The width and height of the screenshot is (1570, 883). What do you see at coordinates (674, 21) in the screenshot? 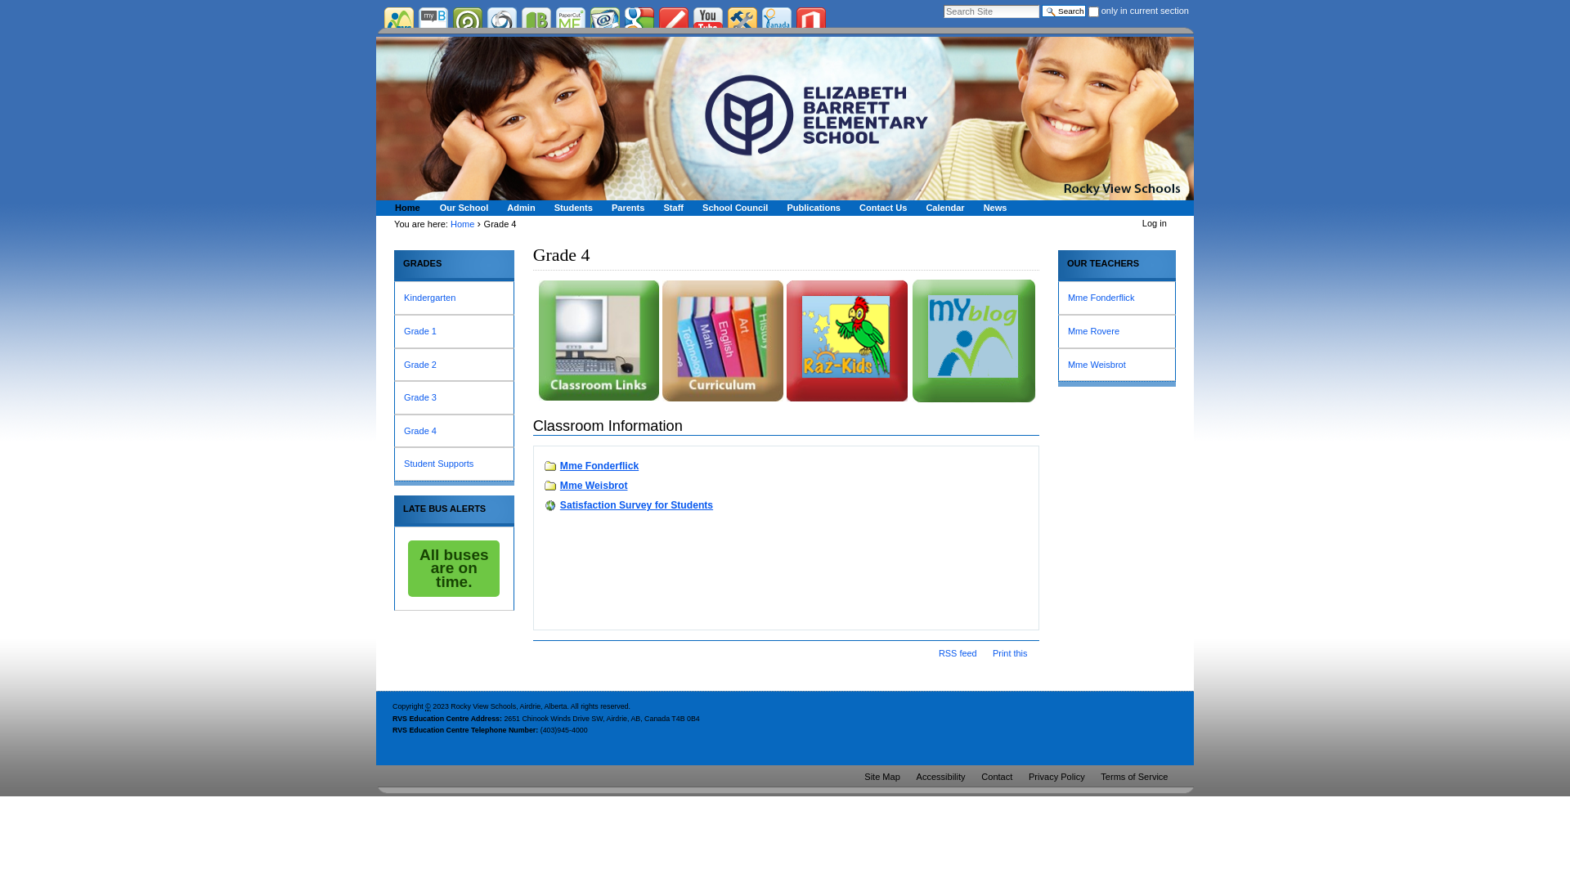
I see `'Student Blogs'` at bounding box center [674, 21].